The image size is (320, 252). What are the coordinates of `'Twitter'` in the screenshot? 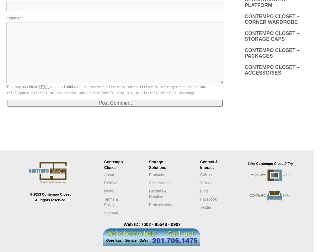 It's located at (200, 207).